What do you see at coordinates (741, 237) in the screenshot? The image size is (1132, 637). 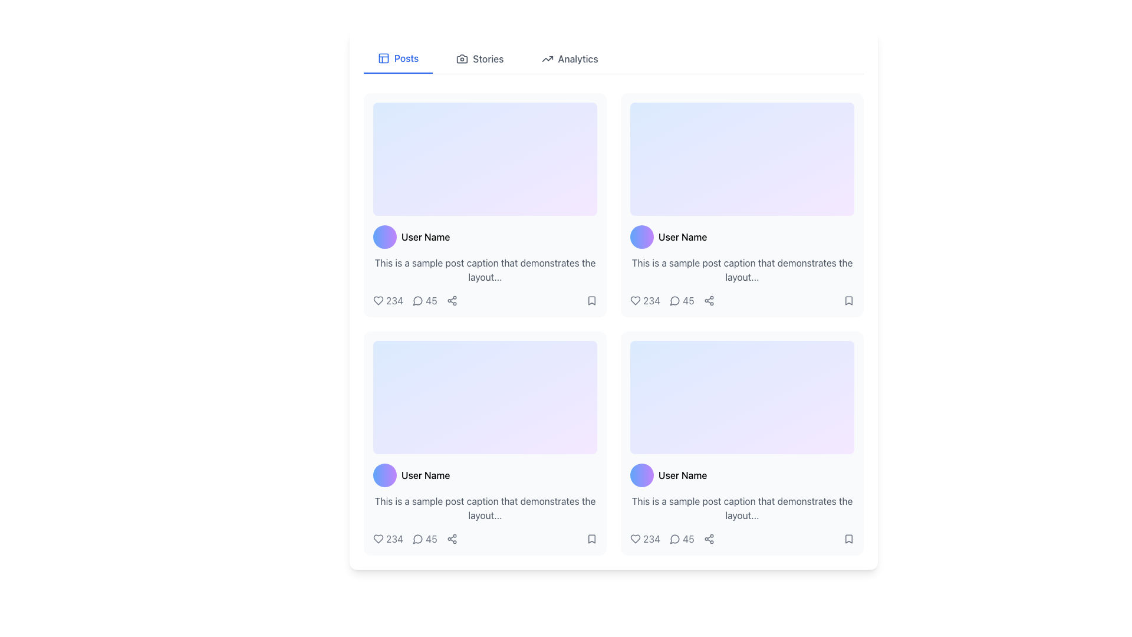 I see `the User profile identification section located in the second card from the left in the top row of a grid layout, which is directly below the displayed image section` at bounding box center [741, 237].